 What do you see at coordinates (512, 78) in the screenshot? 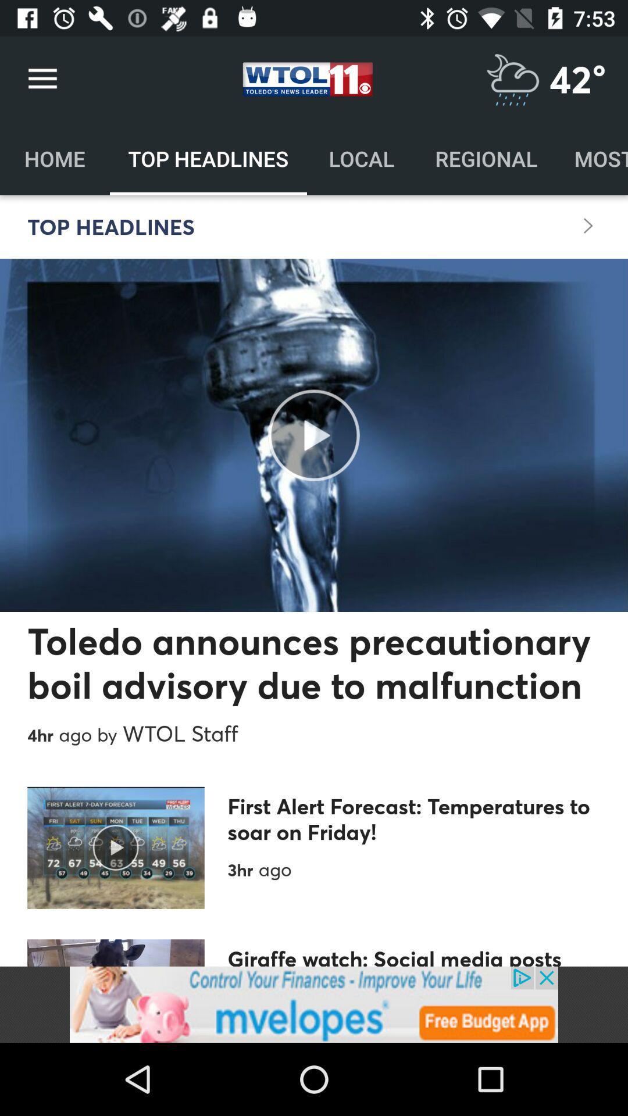
I see `open weather` at bounding box center [512, 78].